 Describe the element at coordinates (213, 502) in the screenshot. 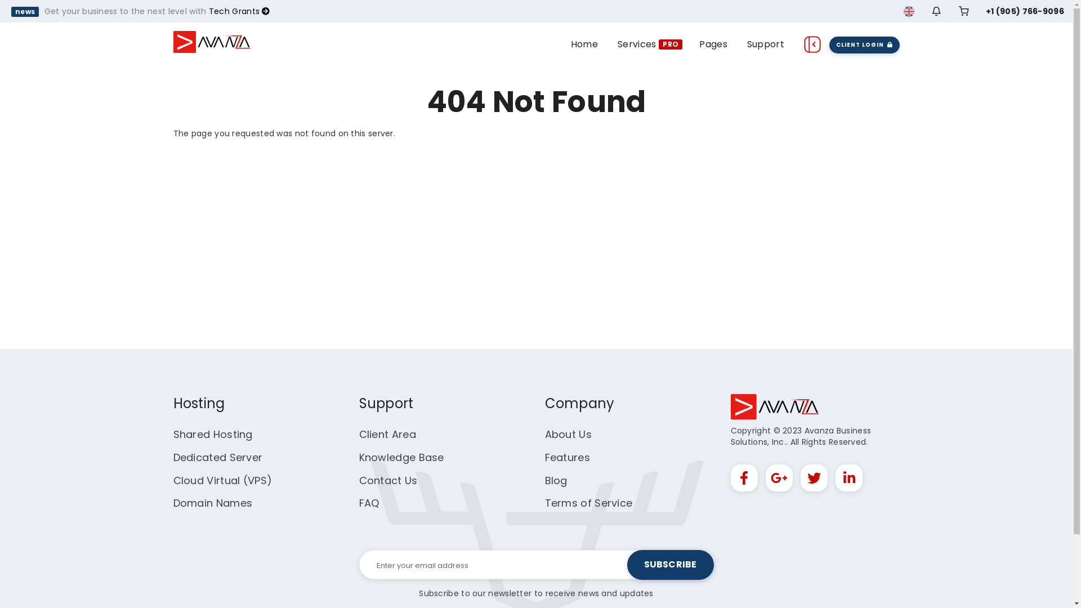

I see `'Domain Names'` at that location.